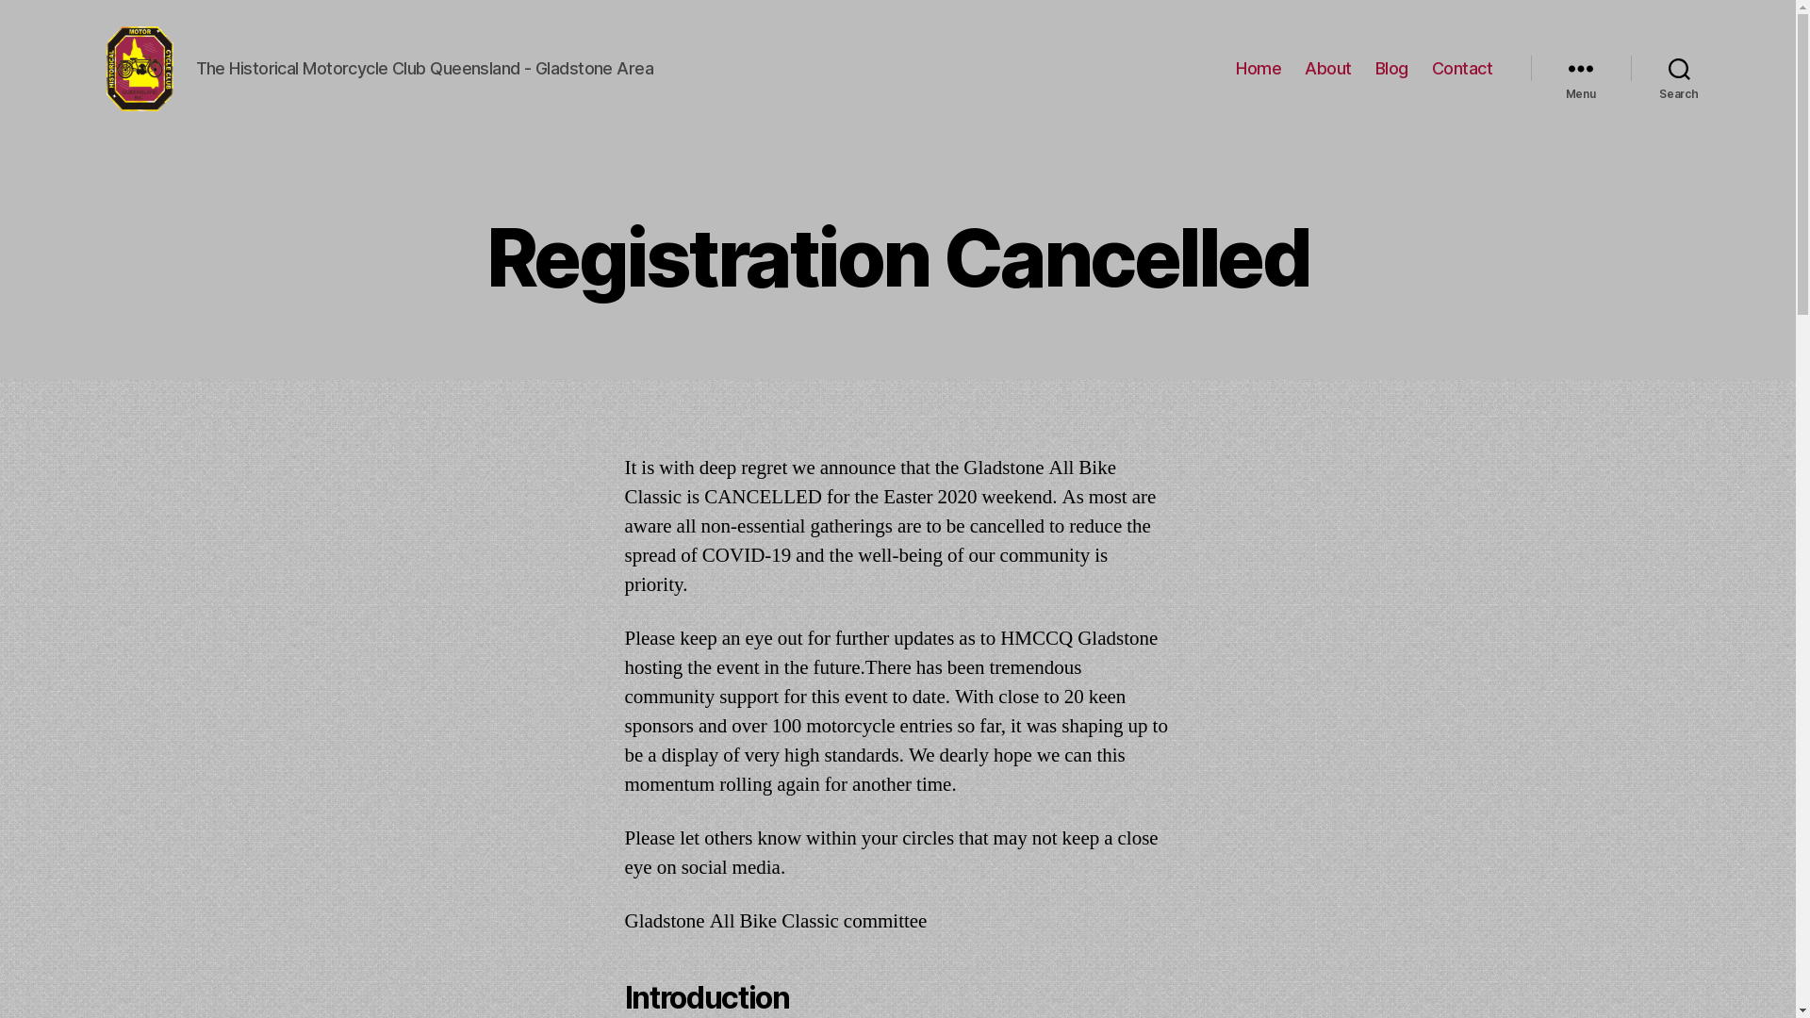  Describe the element at coordinates (1327, 68) in the screenshot. I see `'About'` at that location.